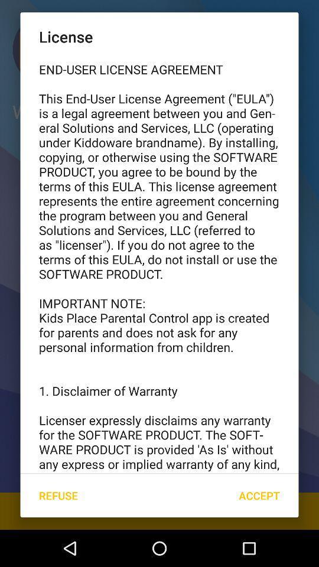 The image size is (319, 567). I want to click on the refuse, so click(57, 496).